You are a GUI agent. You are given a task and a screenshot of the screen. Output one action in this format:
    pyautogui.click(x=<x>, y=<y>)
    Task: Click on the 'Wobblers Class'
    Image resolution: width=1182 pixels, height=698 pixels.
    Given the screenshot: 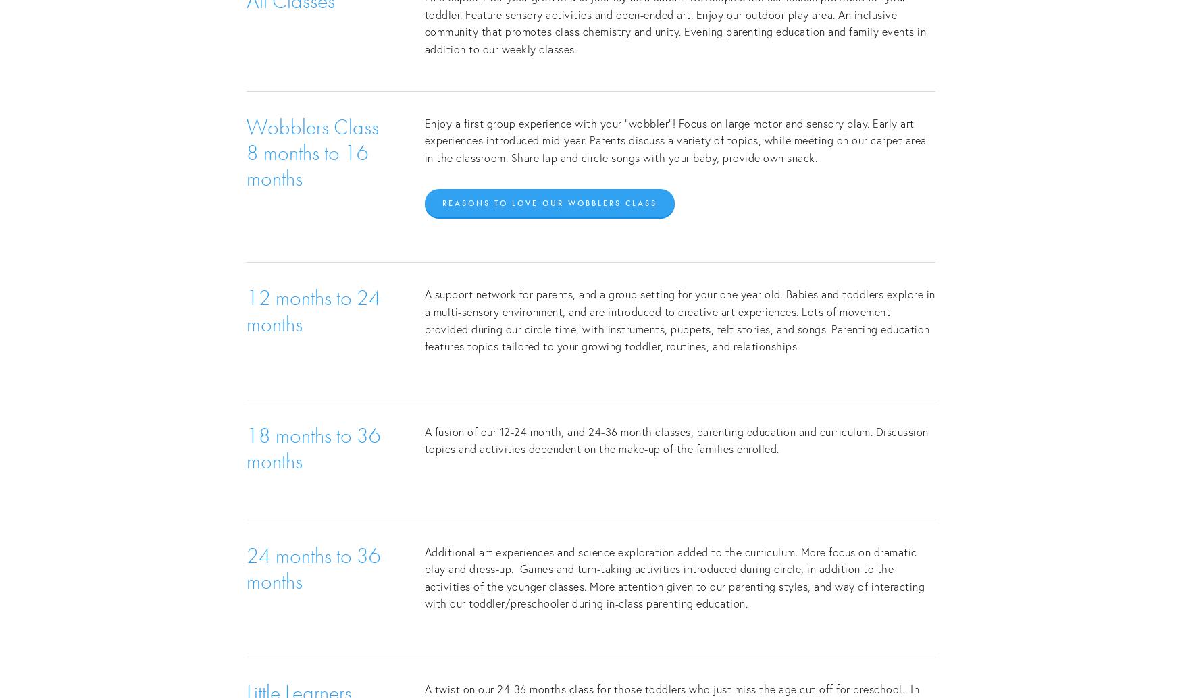 What is the action you would take?
    pyautogui.click(x=247, y=126)
    